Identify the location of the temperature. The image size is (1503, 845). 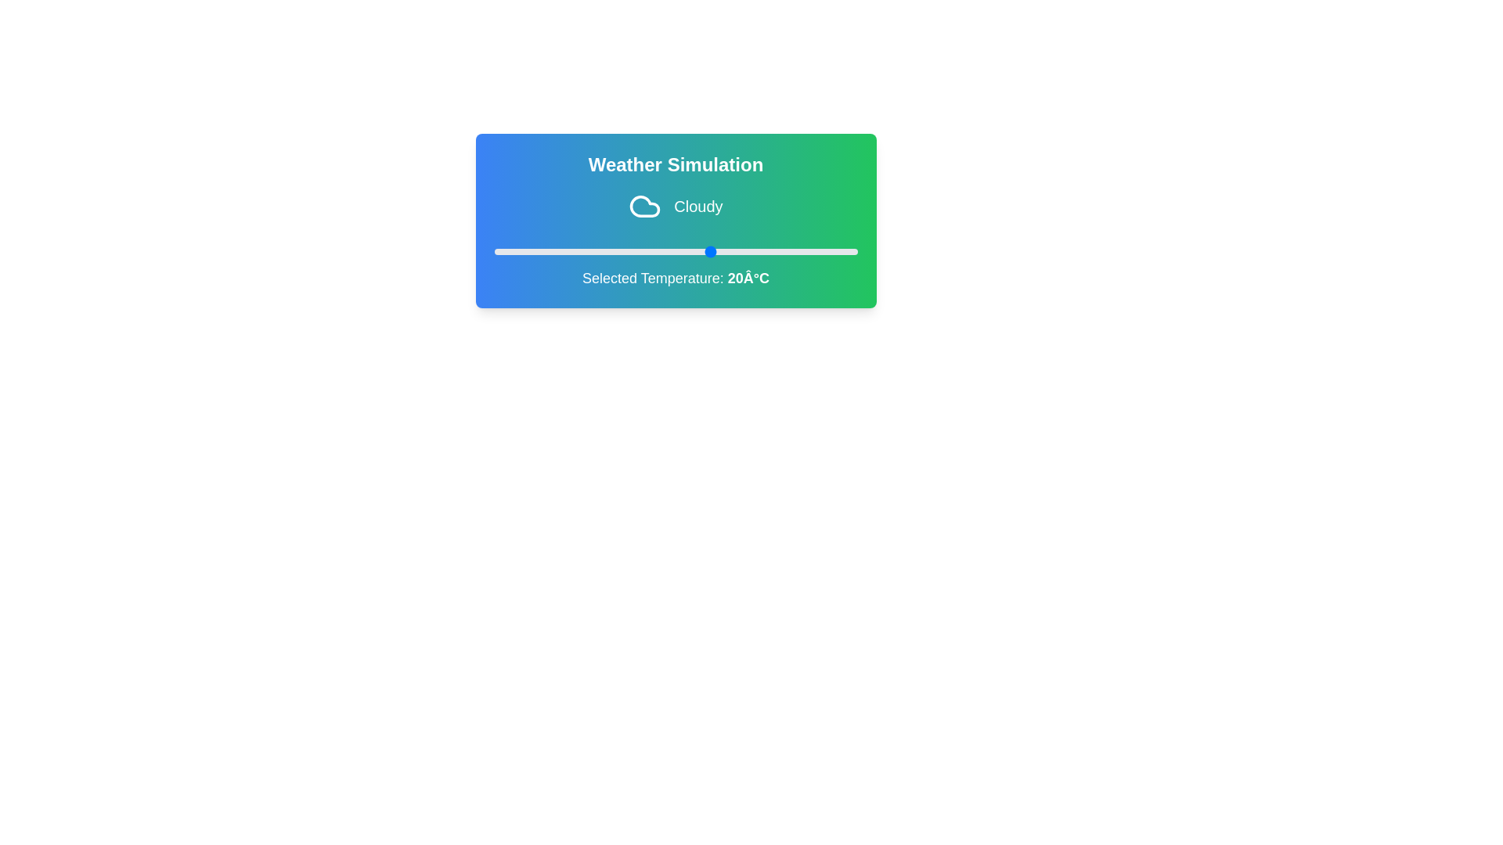
(842, 250).